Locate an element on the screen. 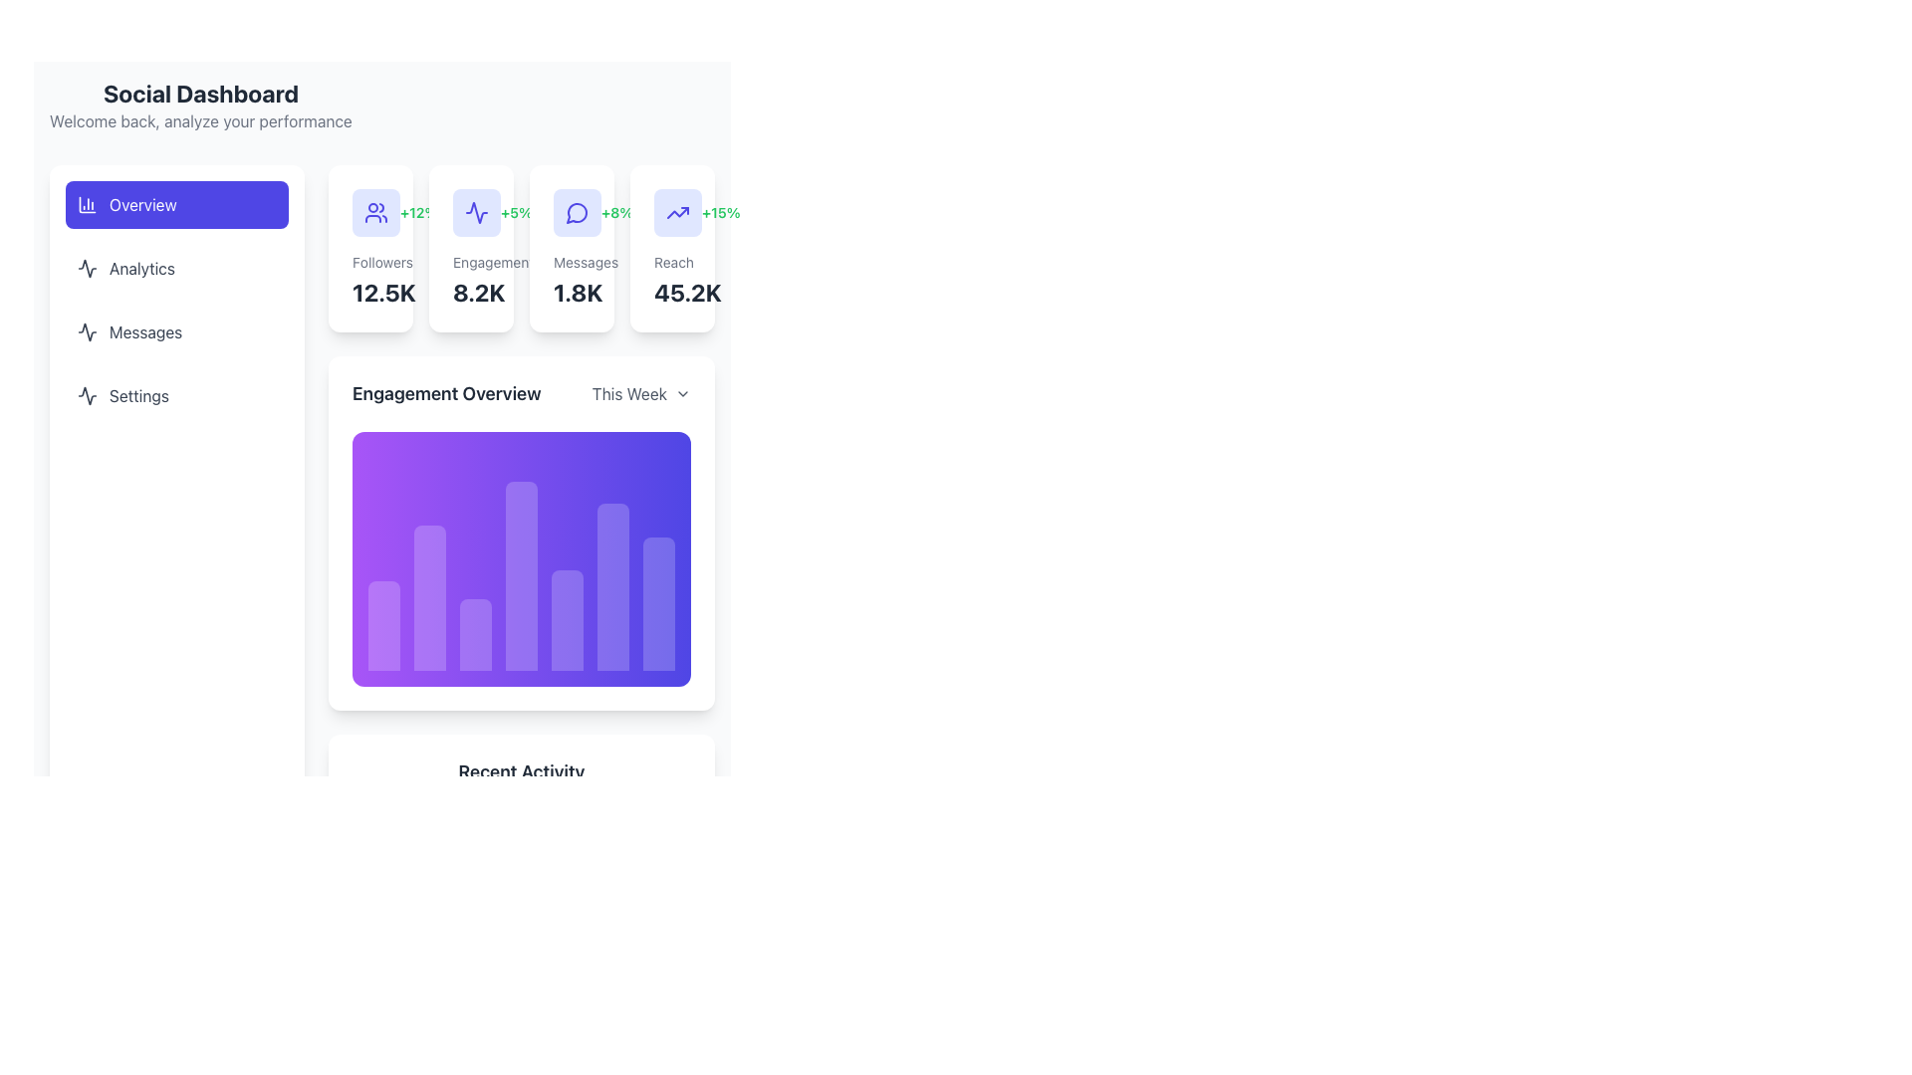  the topmost button is located at coordinates (176, 204).